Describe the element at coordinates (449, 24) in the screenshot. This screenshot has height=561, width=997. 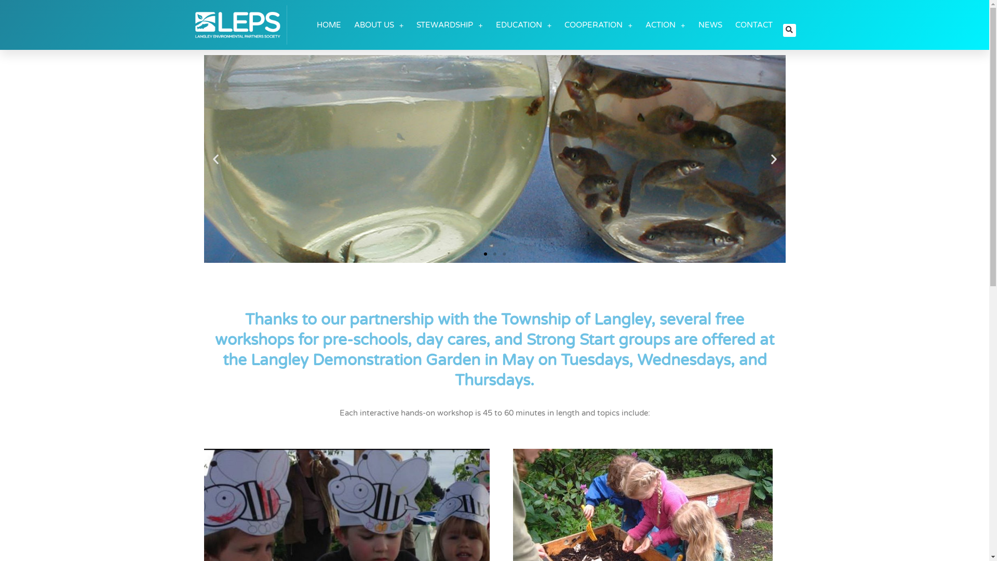
I see `'STEWARDSHIP'` at that location.